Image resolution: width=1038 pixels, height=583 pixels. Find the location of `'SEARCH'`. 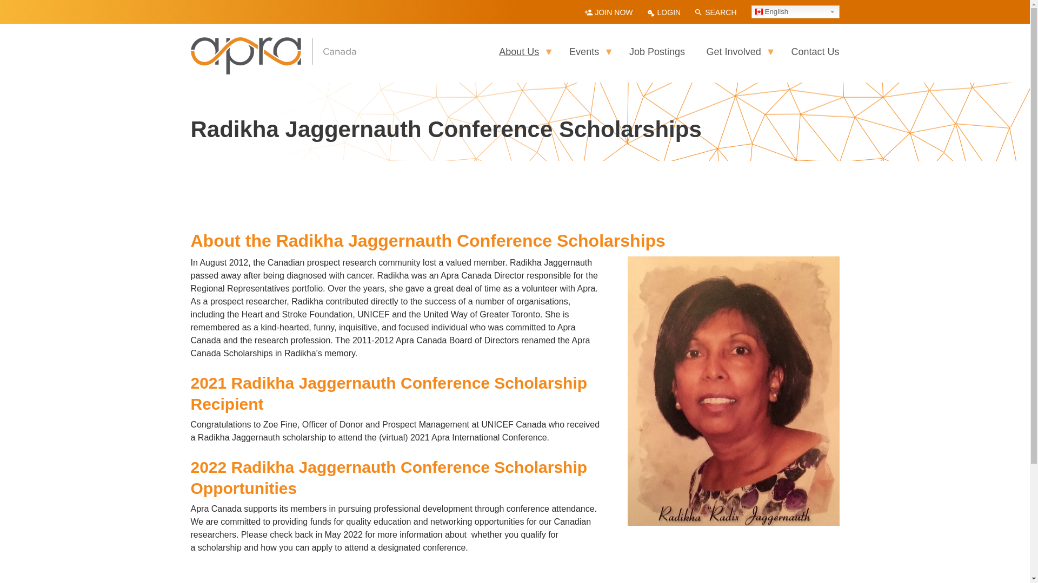

'SEARCH' is located at coordinates (715, 12).